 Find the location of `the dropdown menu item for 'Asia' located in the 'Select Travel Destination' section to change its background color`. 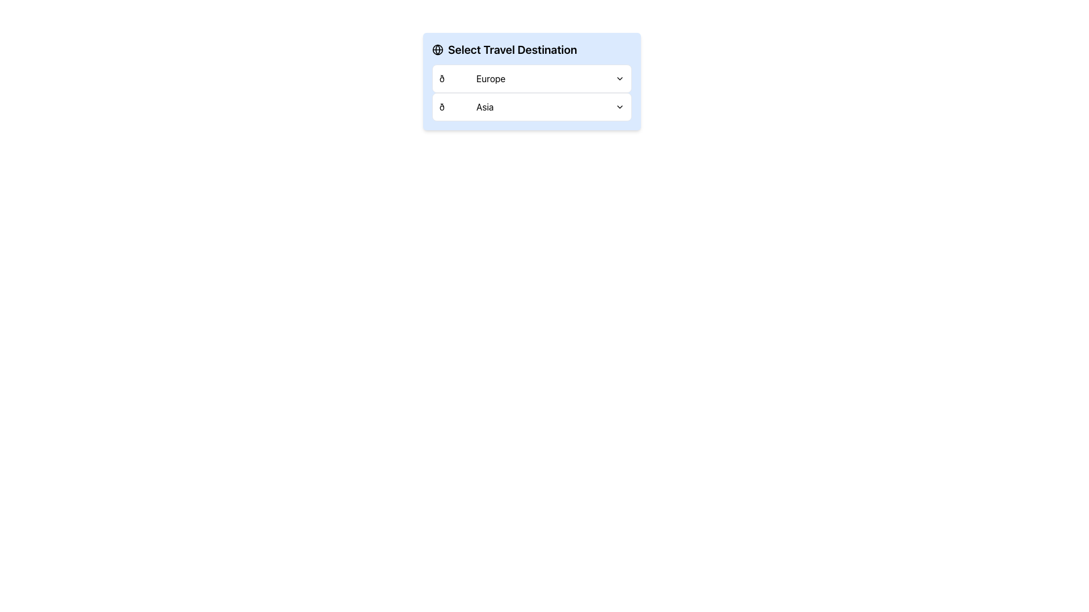

the dropdown menu item for 'Asia' located in the 'Select Travel Destination' section to change its background color is located at coordinates (531, 107).